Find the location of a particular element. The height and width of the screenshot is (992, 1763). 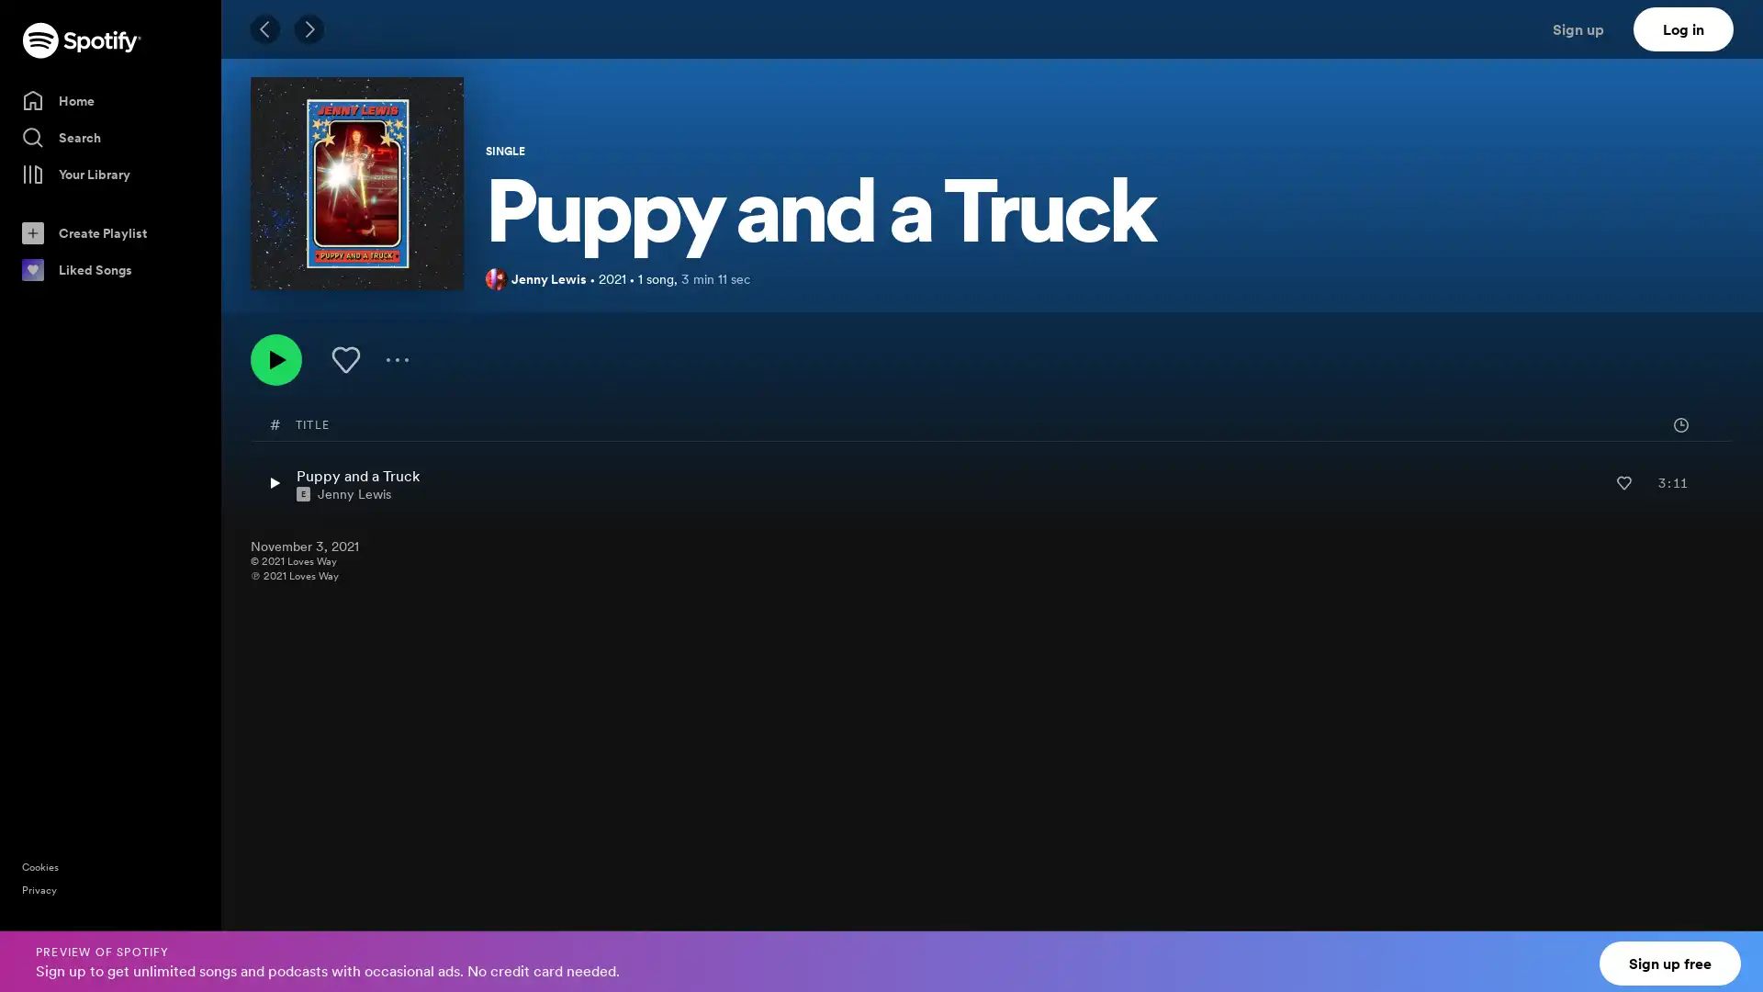

Sign up free is located at coordinates (1670, 963).